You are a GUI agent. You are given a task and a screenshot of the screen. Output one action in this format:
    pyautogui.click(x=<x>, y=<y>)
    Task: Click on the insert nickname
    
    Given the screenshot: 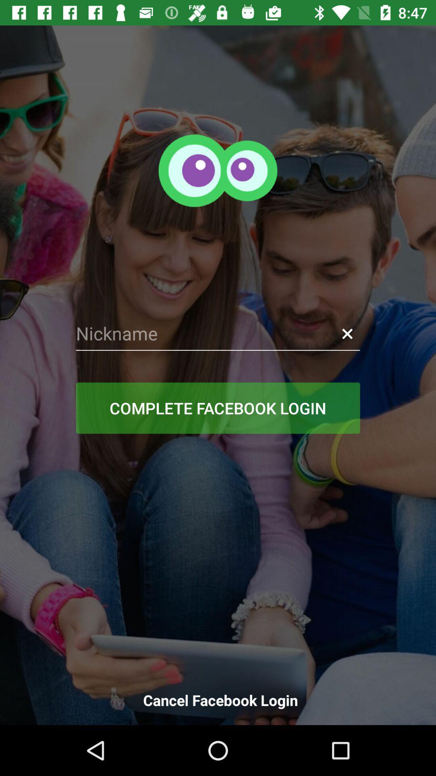 What is the action you would take?
    pyautogui.click(x=218, y=333)
    